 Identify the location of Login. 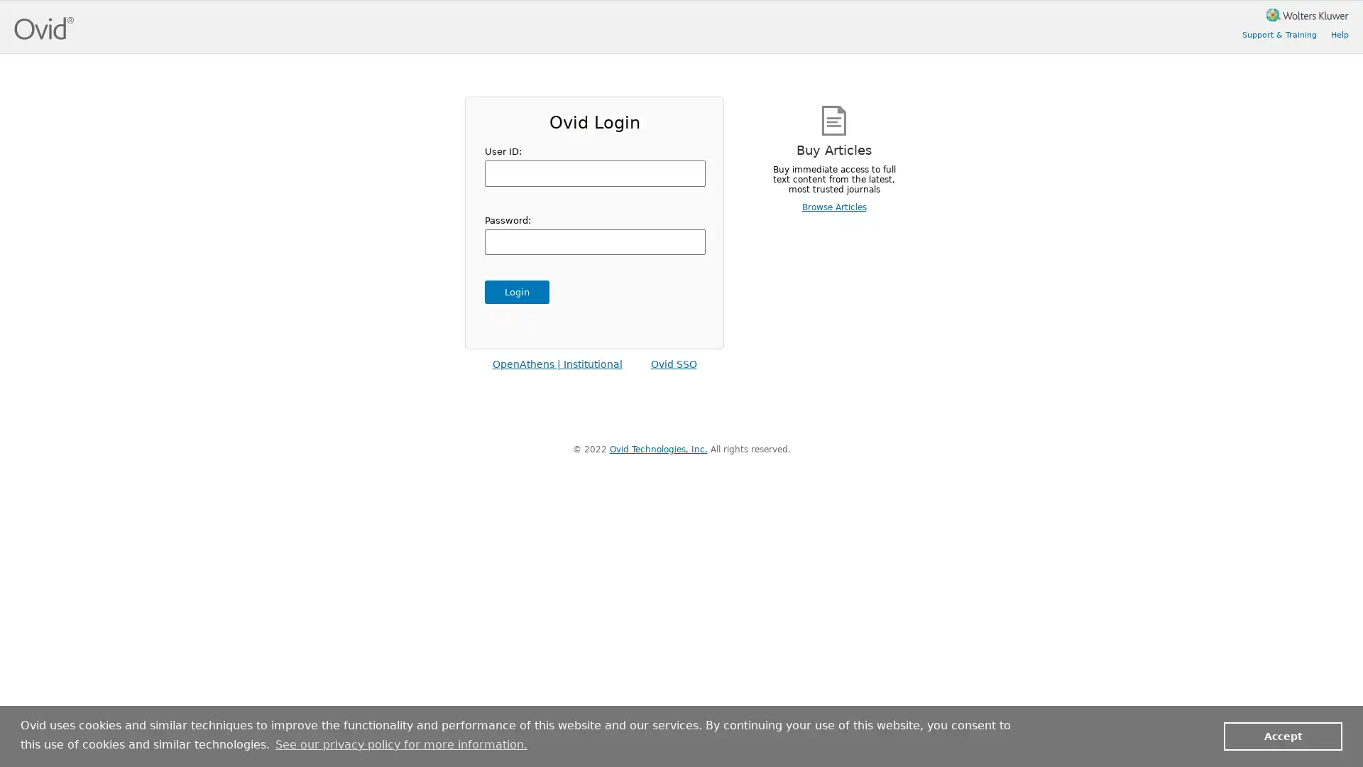
(516, 291).